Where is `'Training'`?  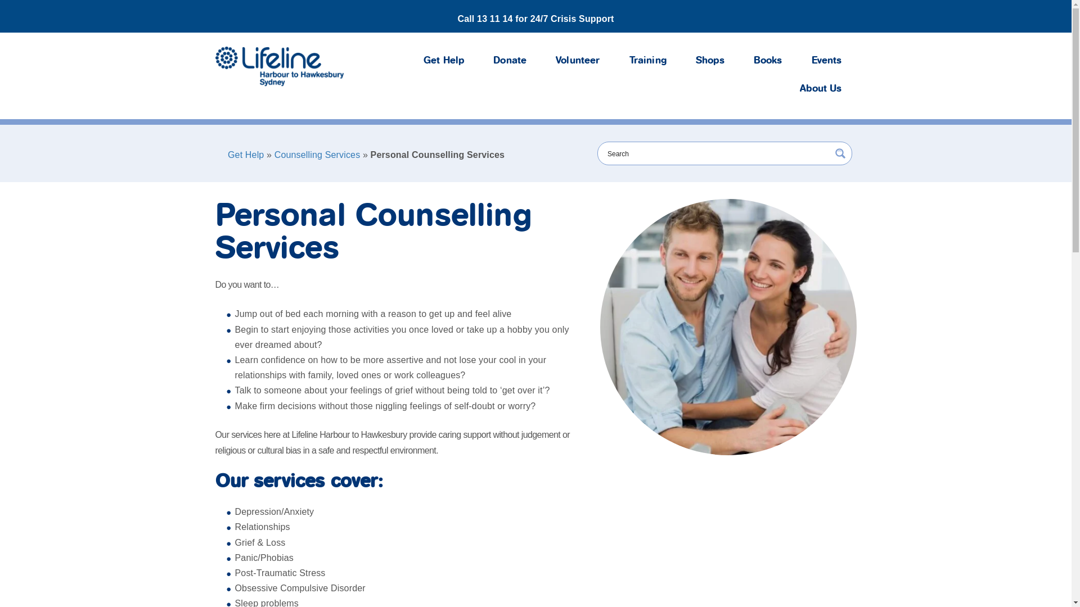
'Training' is located at coordinates (648, 61).